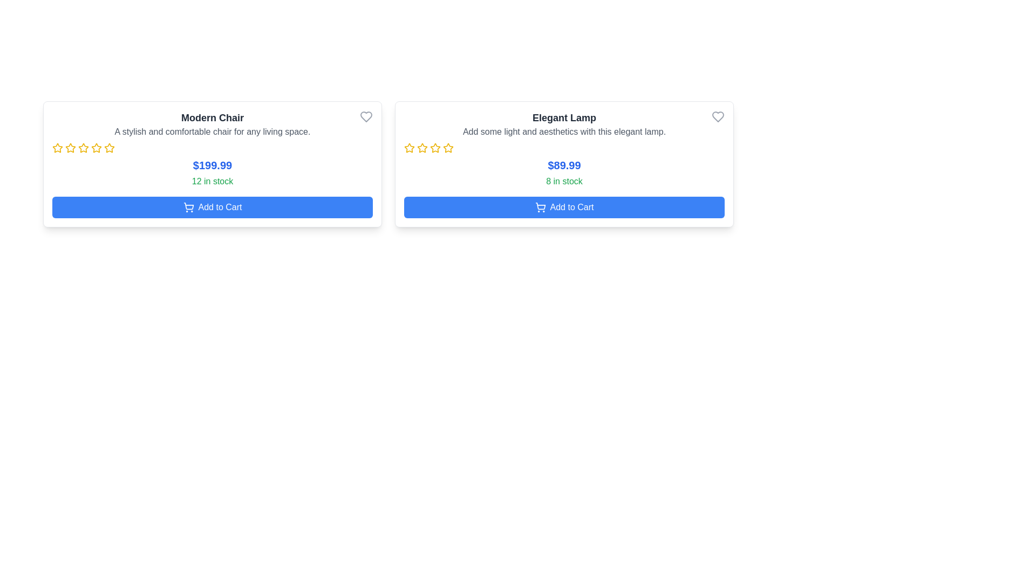 This screenshot has width=1036, height=582. What do you see at coordinates (212, 131) in the screenshot?
I see `the descriptive text block styled in gray, located below the title 'Modern Chair' in the product card` at bounding box center [212, 131].